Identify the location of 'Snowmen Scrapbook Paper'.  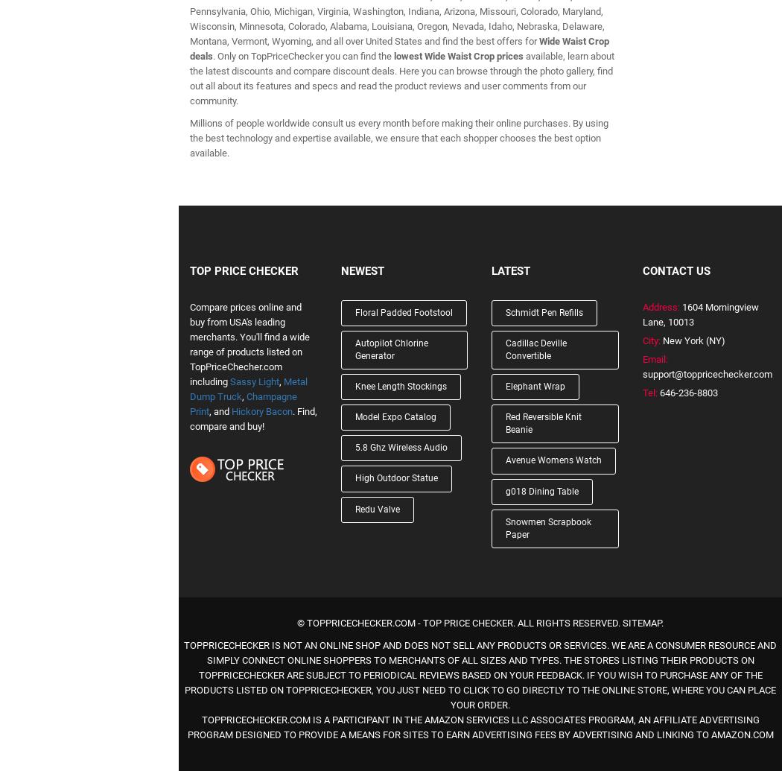
(547, 527).